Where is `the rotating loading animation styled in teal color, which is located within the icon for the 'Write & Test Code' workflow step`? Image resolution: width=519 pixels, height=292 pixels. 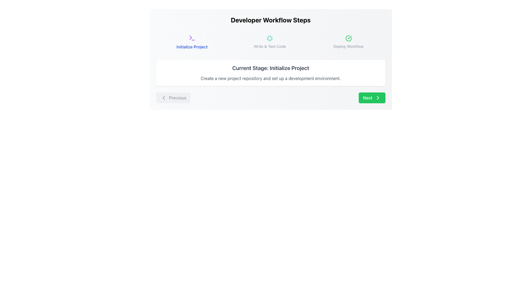
the rotating loading animation styled in teal color, which is located within the icon for the 'Write & Test Code' workflow step is located at coordinates (270, 38).